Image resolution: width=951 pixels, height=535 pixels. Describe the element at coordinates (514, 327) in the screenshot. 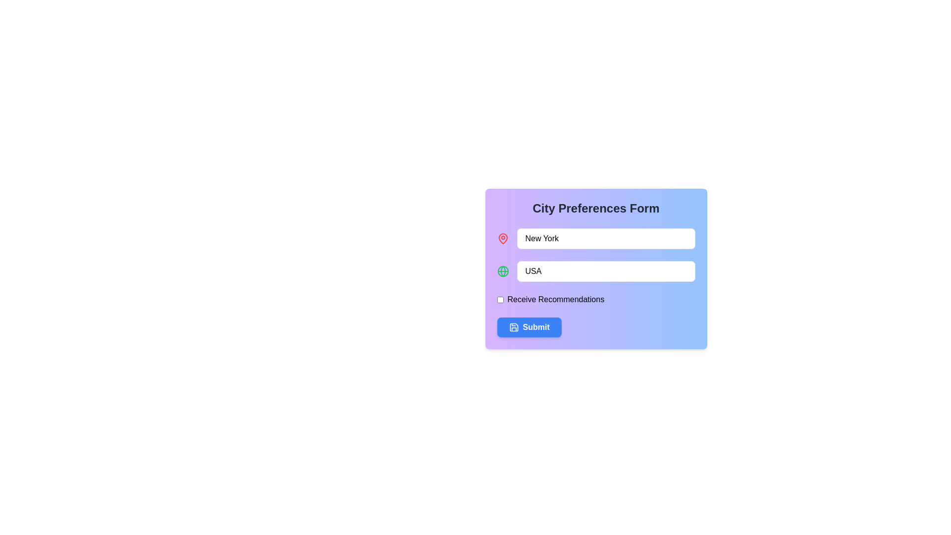

I see `the SVG icon within the blue 'Submit' button, located to the left of the bold 'Submit' text` at that location.